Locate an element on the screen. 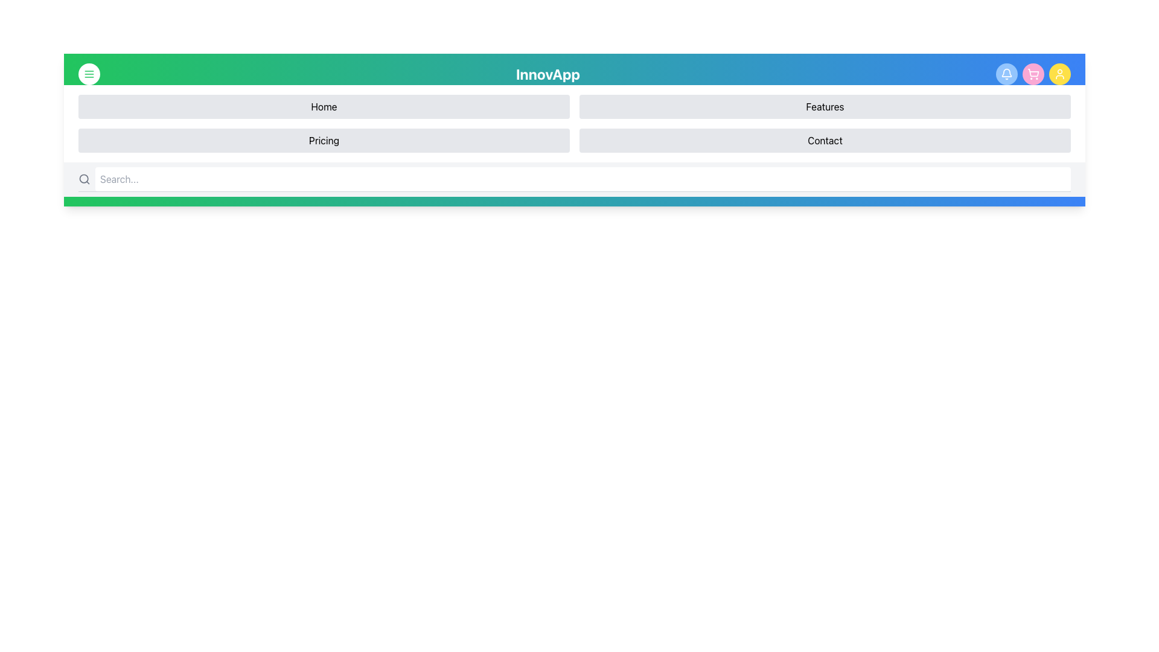 This screenshot has height=652, width=1159. the circular pink button with a white shopping cart icon located at the top-right corner of the page is located at coordinates (1033, 74).